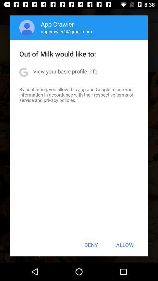 This screenshot has height=281, width=158. What do you see at coordinates (91, 245) in the screenshot?
I see `the item at the bottom` at bounding box center [91, 245].